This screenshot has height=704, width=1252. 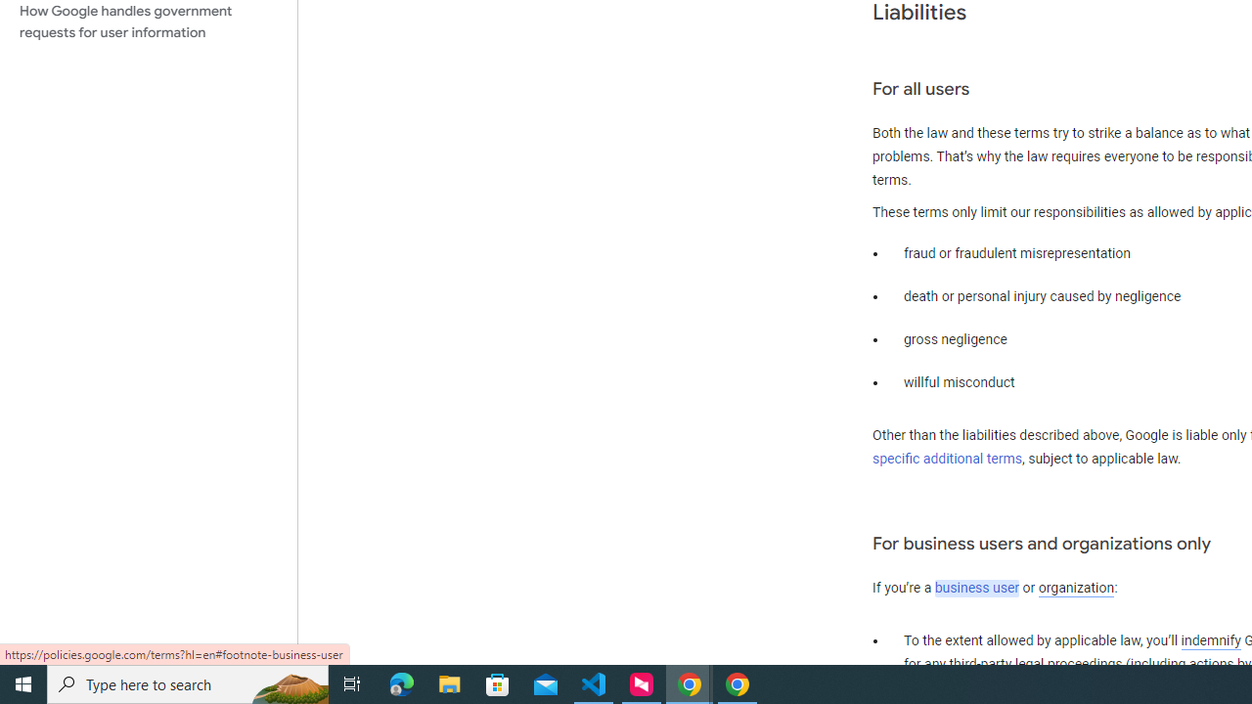 I want to click on 'organization', so click(x=1075, y=588).